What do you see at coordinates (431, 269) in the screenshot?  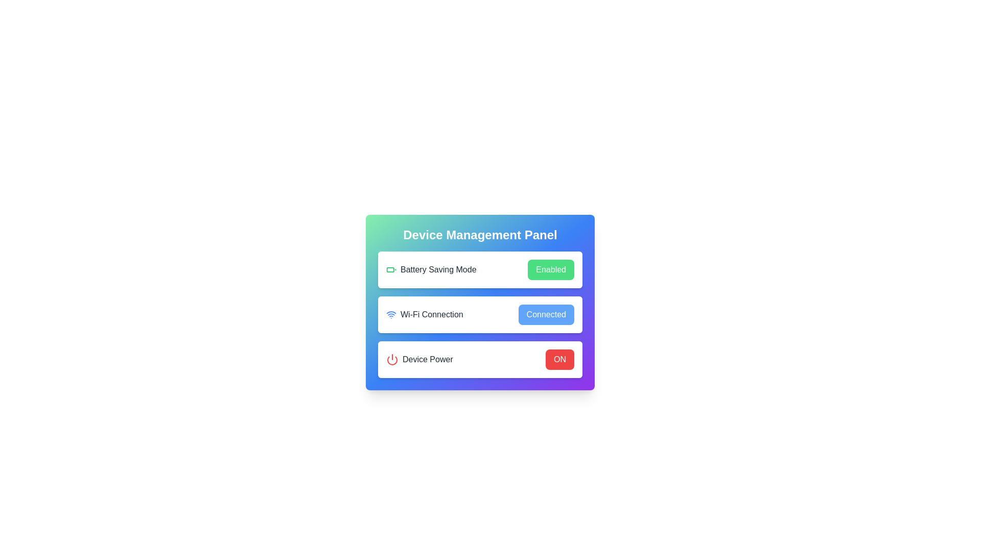 I see `the label indicating 'Battery Saving Mode' next to the green battery icon` at bounding box center [431, 269].